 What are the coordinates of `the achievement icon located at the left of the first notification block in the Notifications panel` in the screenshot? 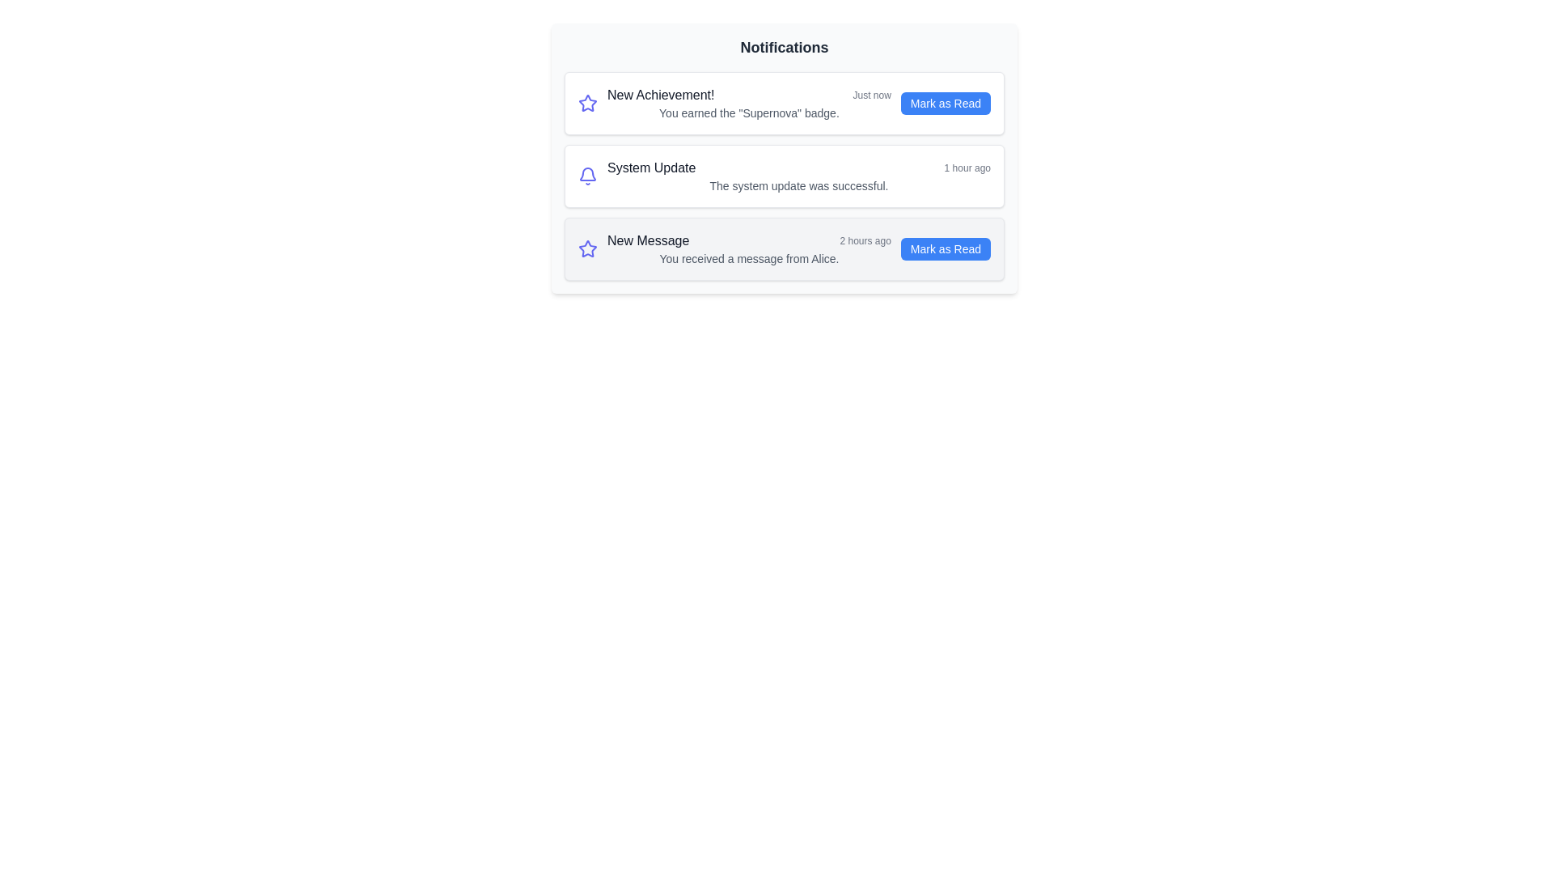 It's located at (586, 103).